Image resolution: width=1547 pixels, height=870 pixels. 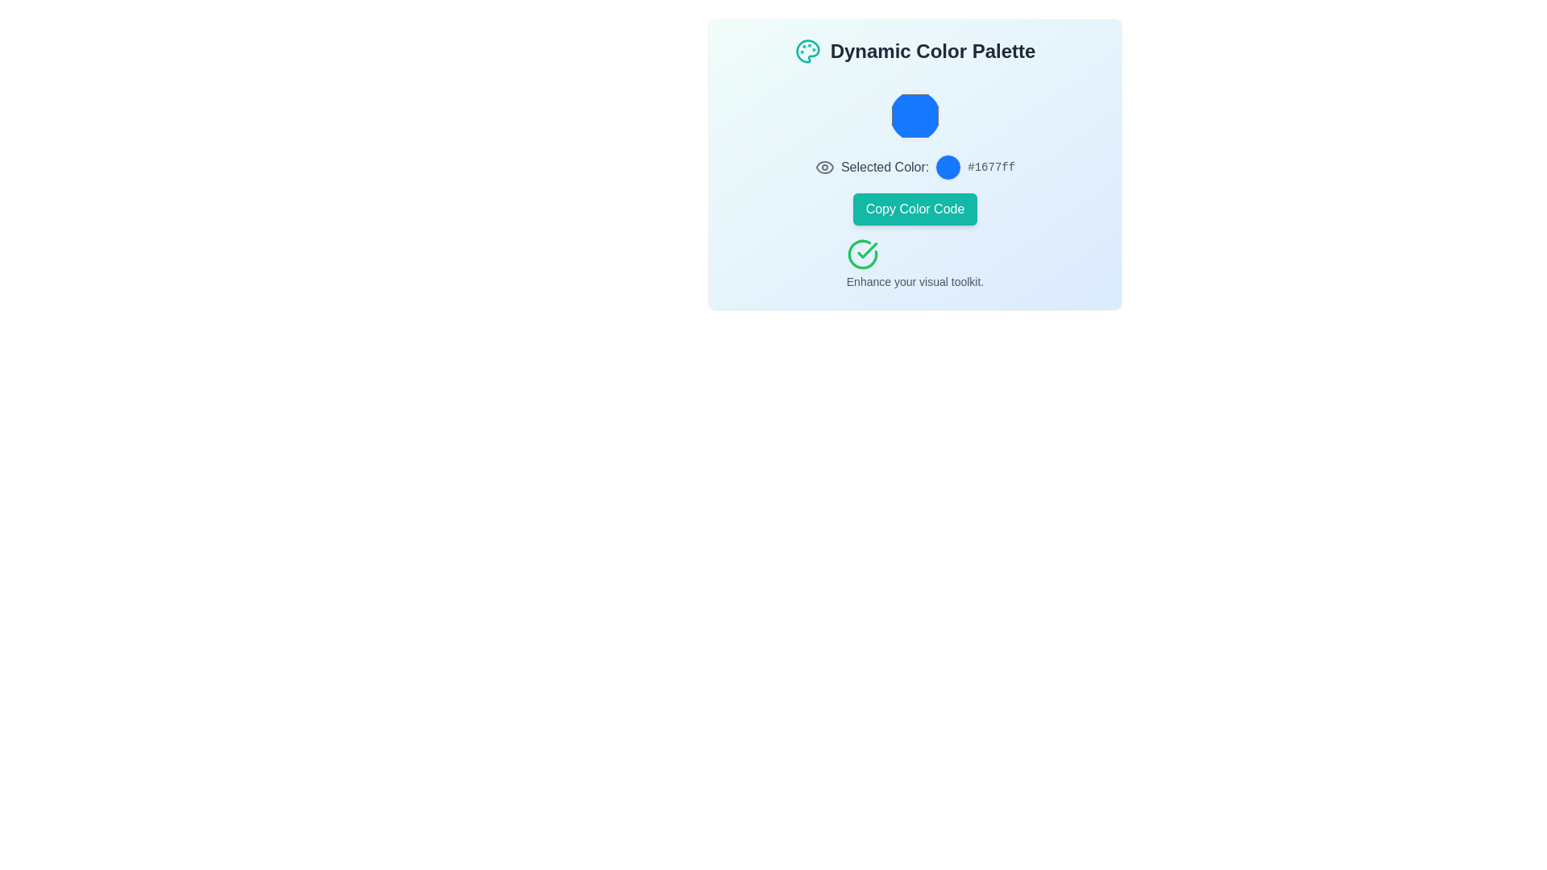 What do you see at coordinates (990, 168) in the screenshot?
I see `the text label displaying the hexadecimal color code '#1677ff', which is styled with a gray font color and a monospace font, located within a horizontal group of color information elements` at bounding box center [990, 168].